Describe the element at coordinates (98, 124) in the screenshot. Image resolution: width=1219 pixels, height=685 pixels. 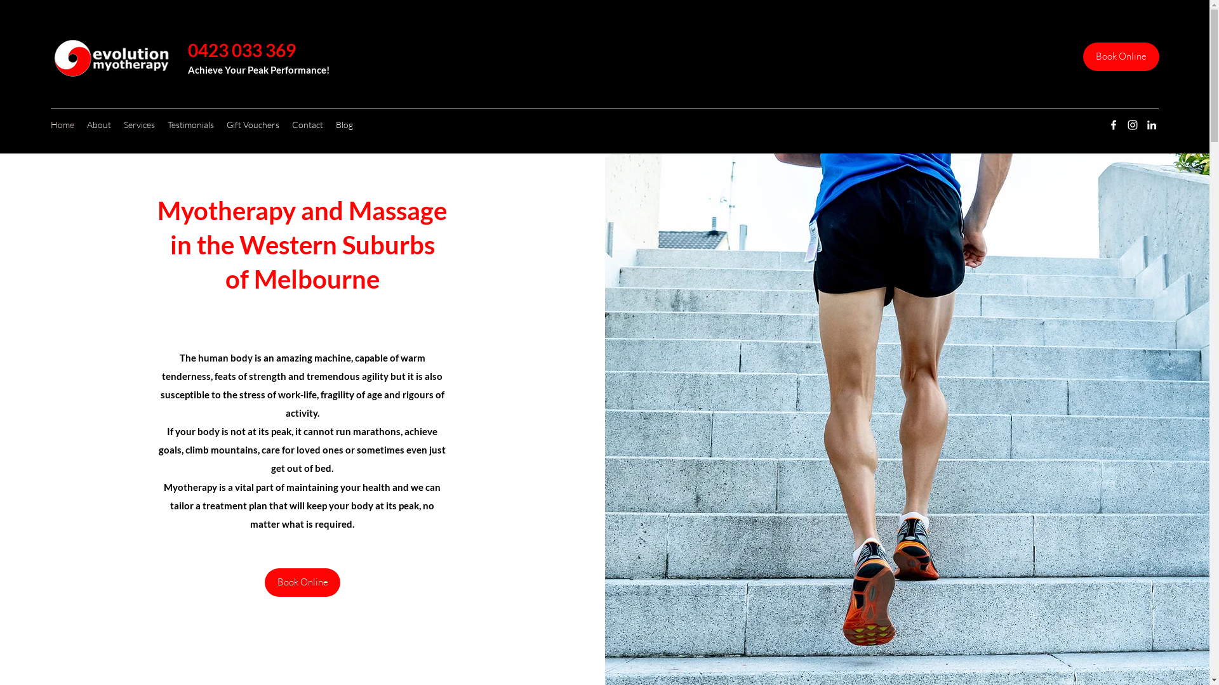
I see `'About'` at that location.